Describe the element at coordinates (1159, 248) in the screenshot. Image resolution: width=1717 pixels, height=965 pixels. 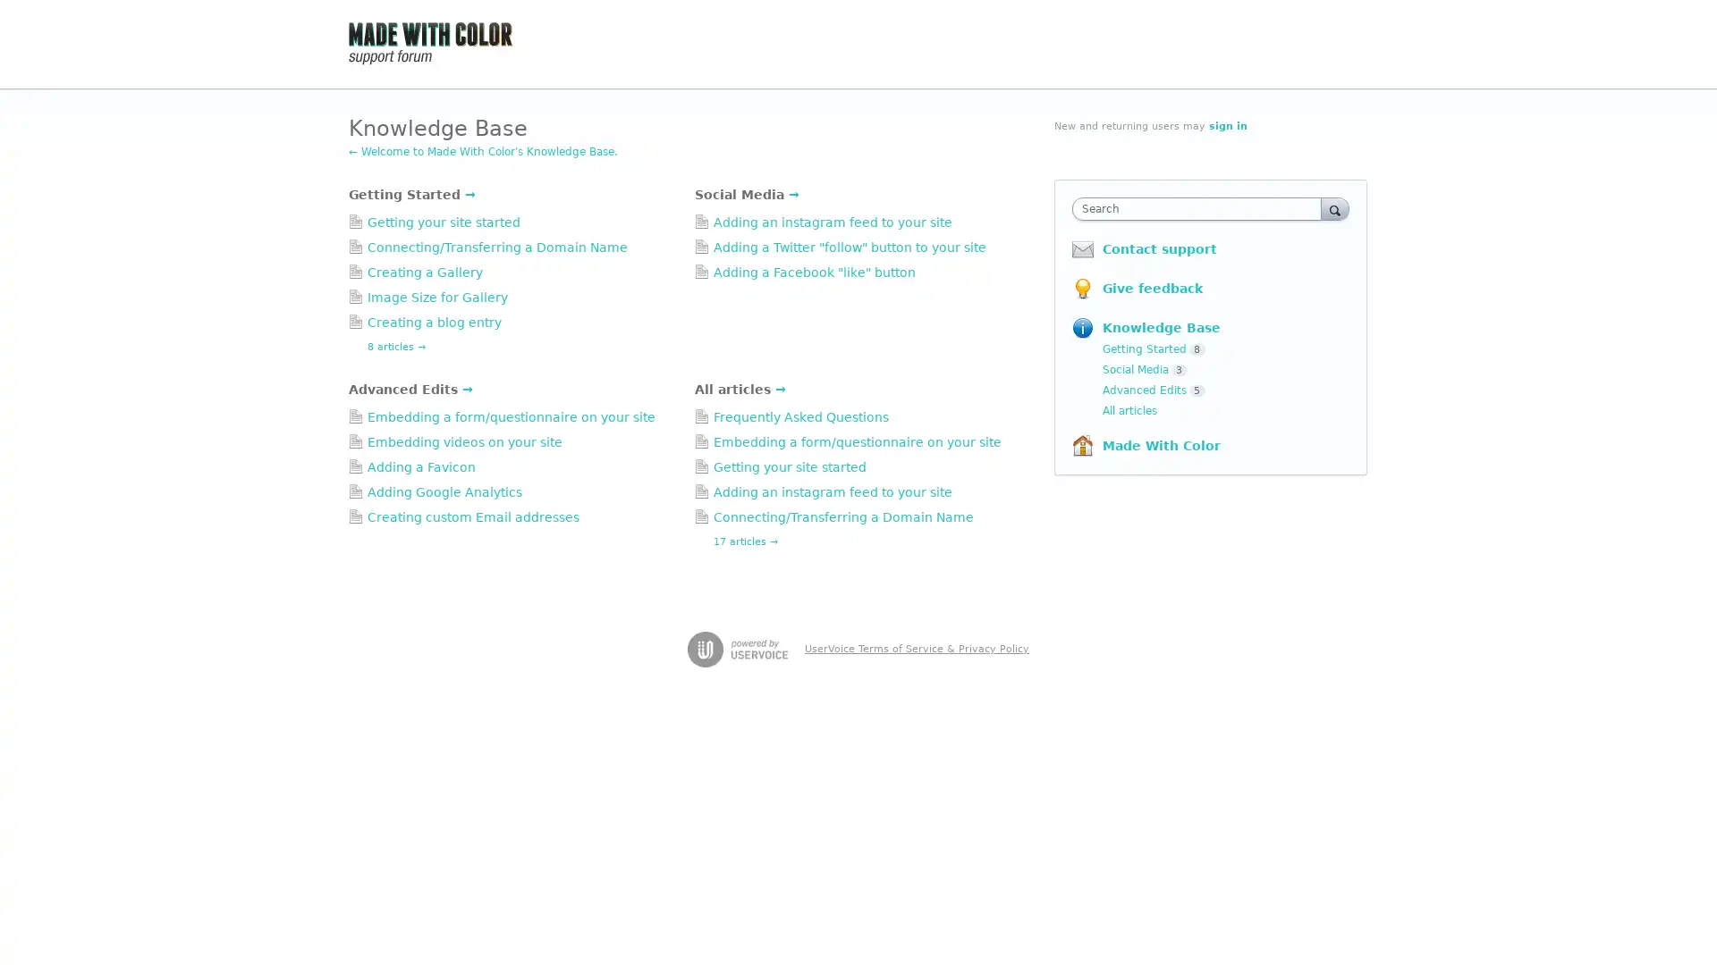
I see `Contact support` at that location.